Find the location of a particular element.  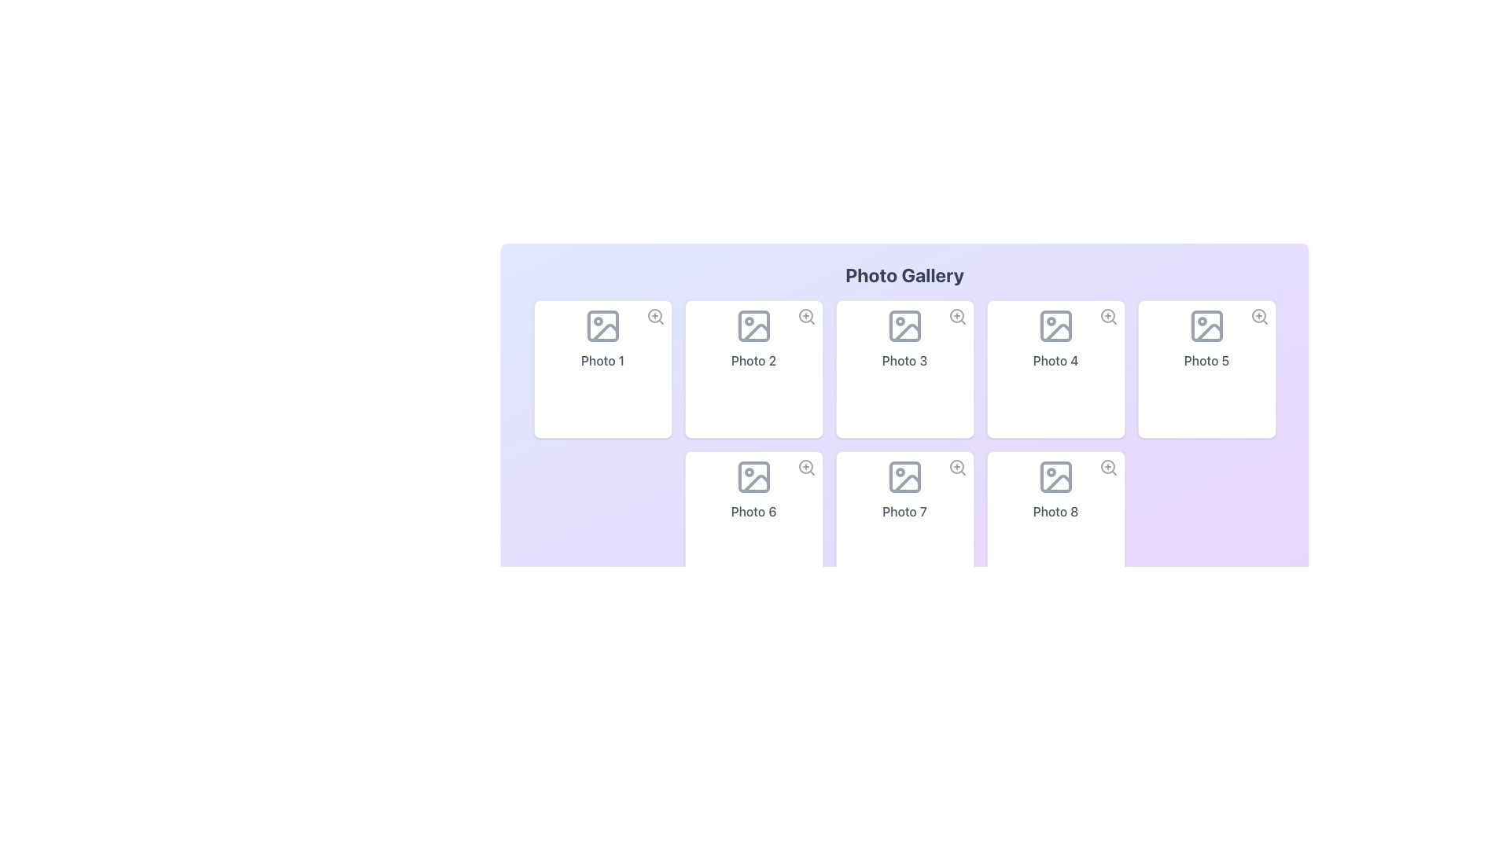

the card element displaying the caption 'Photo 8' with a gray icon of an image, located in the second row and fourth column of the grid layout is located at coordinates (1055, 520).